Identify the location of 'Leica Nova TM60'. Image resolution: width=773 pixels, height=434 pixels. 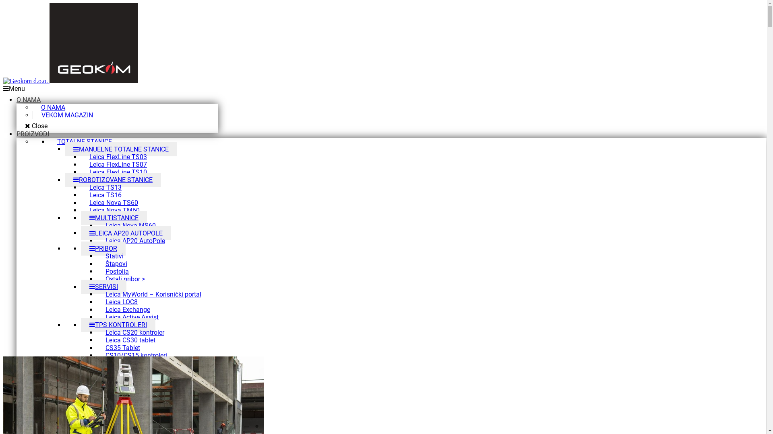
(114, 210).